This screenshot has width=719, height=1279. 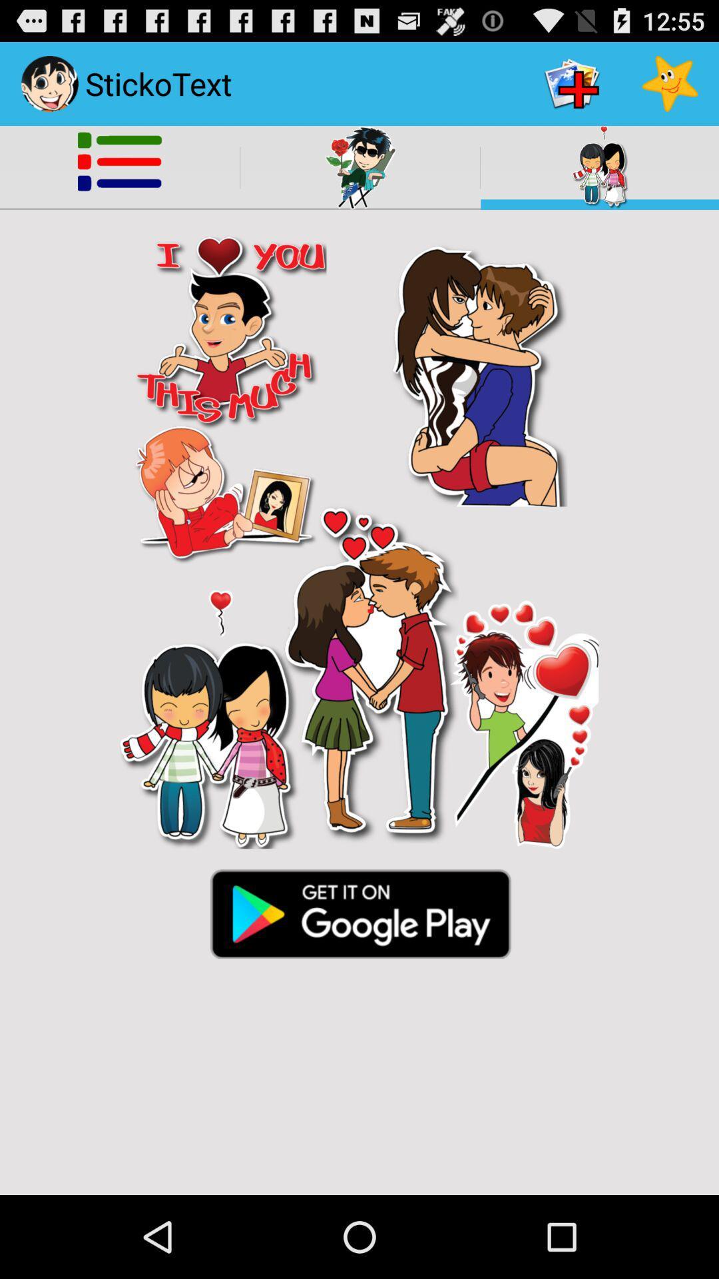 I want to click on its a google play button which you click it to get the app from google play, so click(x=359, y=912).